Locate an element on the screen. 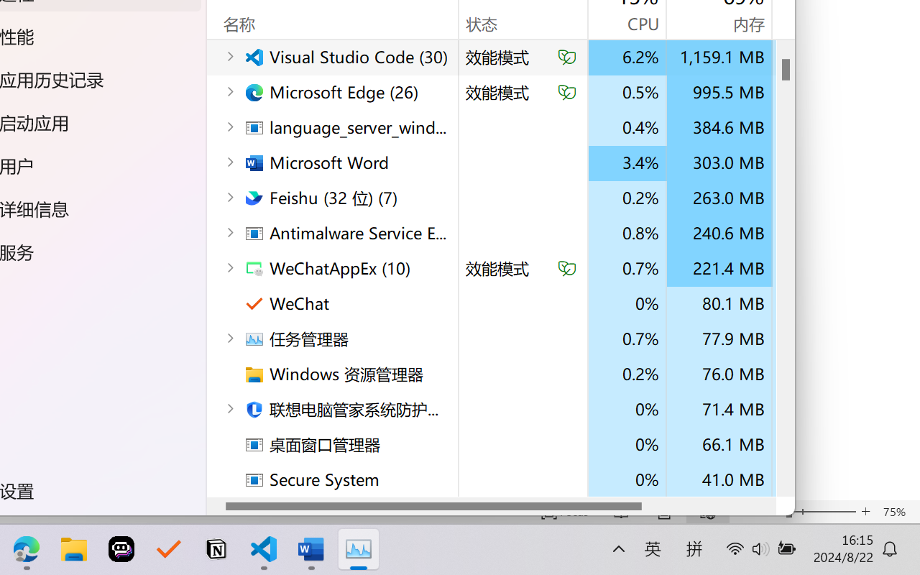  'Notion' is located at coordinates (215, 549).